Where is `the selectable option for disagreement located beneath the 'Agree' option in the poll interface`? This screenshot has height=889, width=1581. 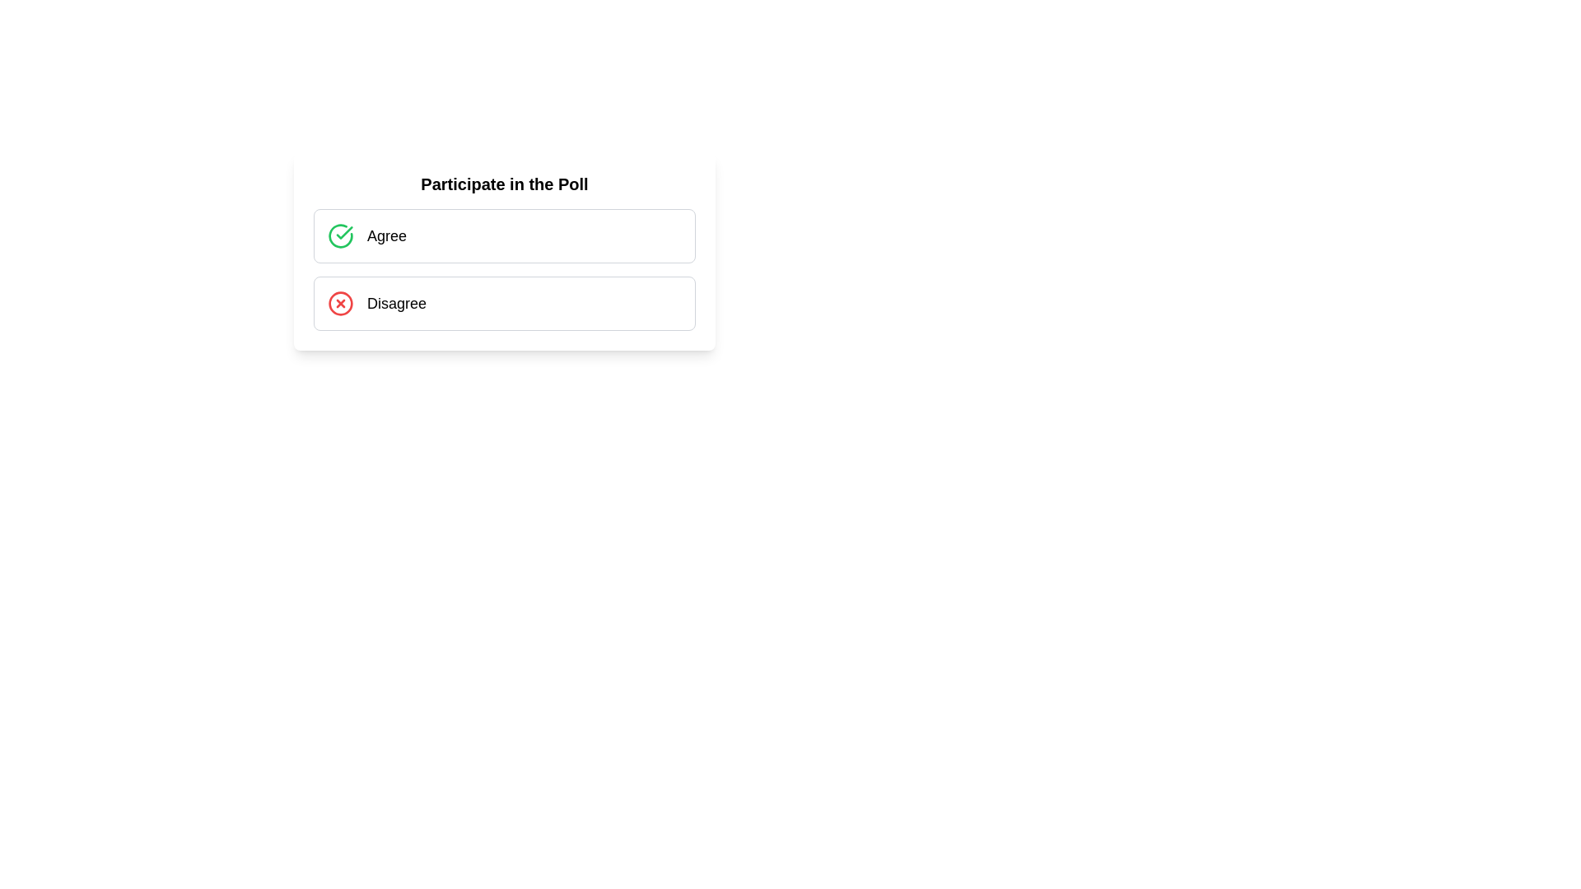
the selectable option for disagreement located beneath the 'Agree' option in the poll interface is located at coordinates (375, 304).